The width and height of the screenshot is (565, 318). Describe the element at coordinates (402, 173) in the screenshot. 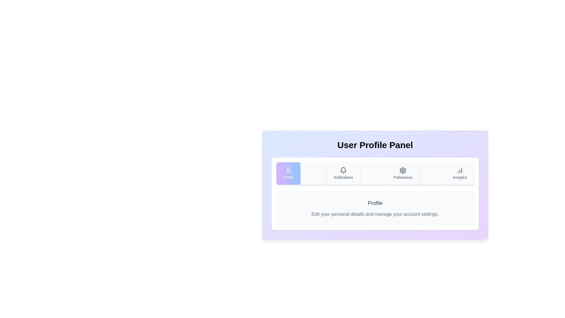

I see `the tab labeled Preferences to preview its interactive effect` at that location.